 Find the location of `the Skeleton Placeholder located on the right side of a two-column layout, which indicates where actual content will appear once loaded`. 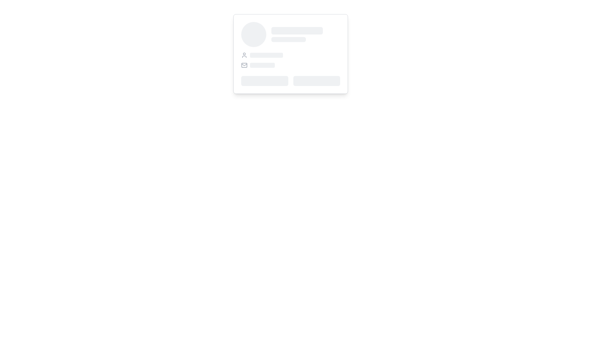

the Skeleton Placeholder located on the right side of a two-column layout, which indicates where actual content will appear once loaded is located at coordinates (317, 81).